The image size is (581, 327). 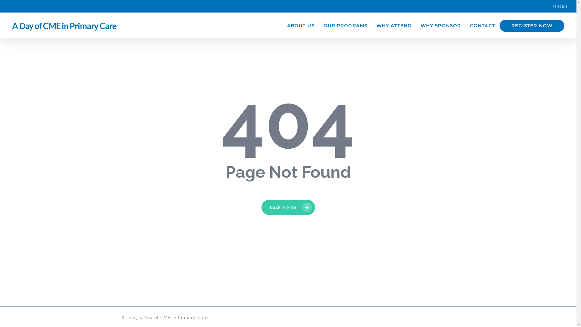 What do you see at coordinates (345, 25) in the screenshot?
I see `'OUR PROGRAMS'` at bounding box center [345, 25].